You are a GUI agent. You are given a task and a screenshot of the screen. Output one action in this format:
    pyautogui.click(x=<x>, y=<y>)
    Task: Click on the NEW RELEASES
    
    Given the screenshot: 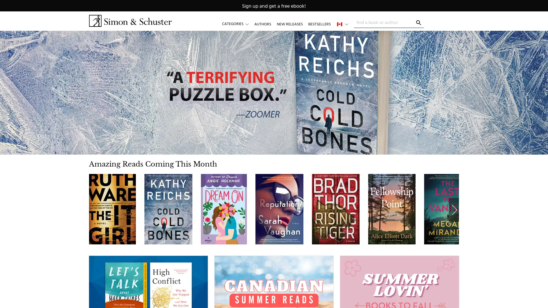 What is the action you would take?
    pyautogui.click(x=289, y=24)
    